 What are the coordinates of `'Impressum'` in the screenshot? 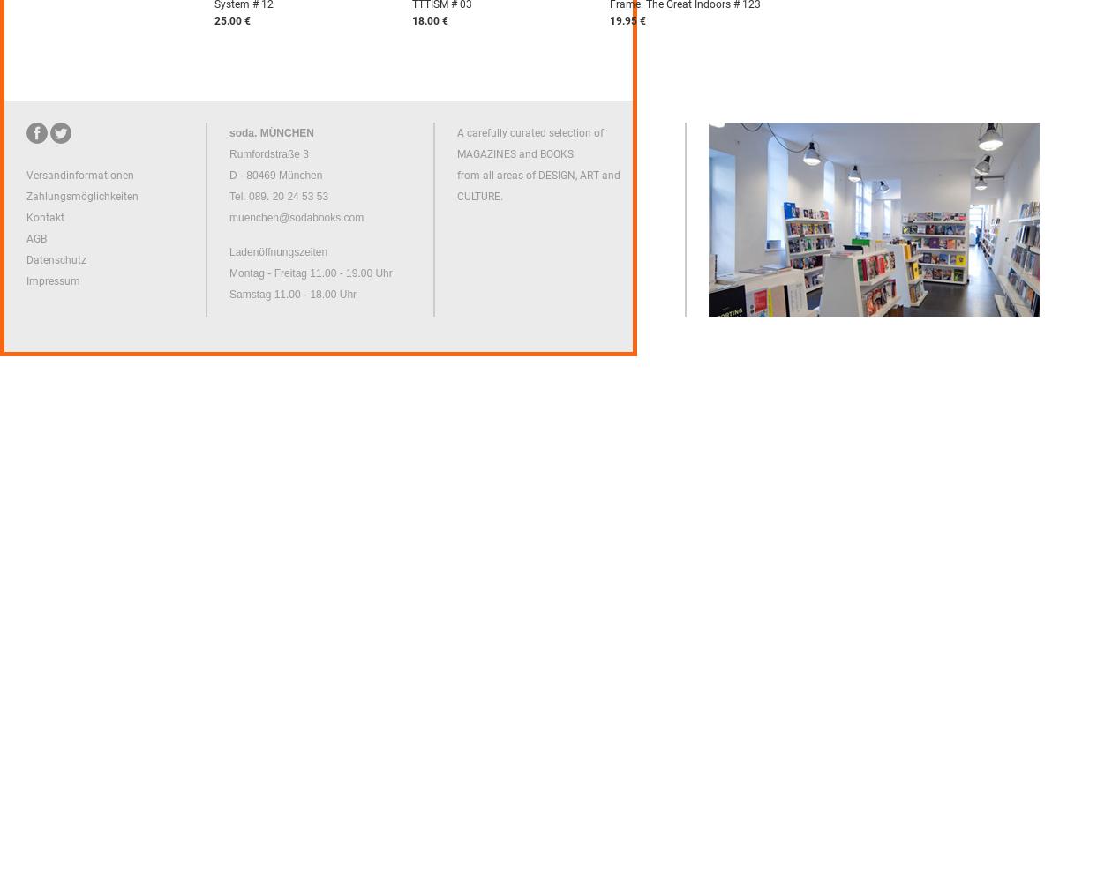 It's located at (53, 280).